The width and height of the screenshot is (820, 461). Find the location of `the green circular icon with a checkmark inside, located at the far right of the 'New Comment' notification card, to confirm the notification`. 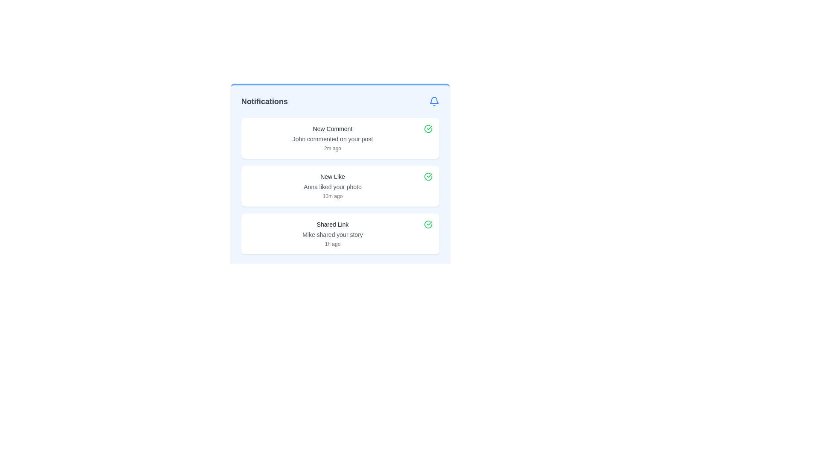

the green circular icon with a checkmark inside, located at the far right of the 'New Comment' notification card, to confirm the notification is located at coordinates (428, 128).